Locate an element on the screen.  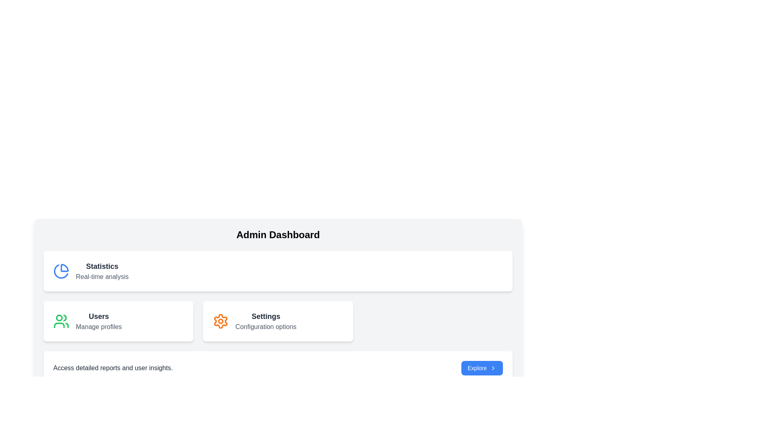
the green outlined user icon, which features two human figures, located in the top-left corner of the 'Users' card on the dashboard interface is located at coordinates (61, 321).